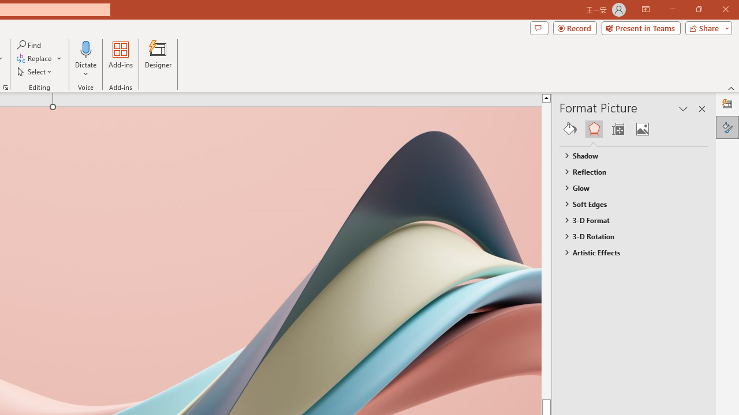  Describe the element at coordinates (633, 129) in the screenshot. I see `'Class: NetUIGalleryContainer'` at that location.